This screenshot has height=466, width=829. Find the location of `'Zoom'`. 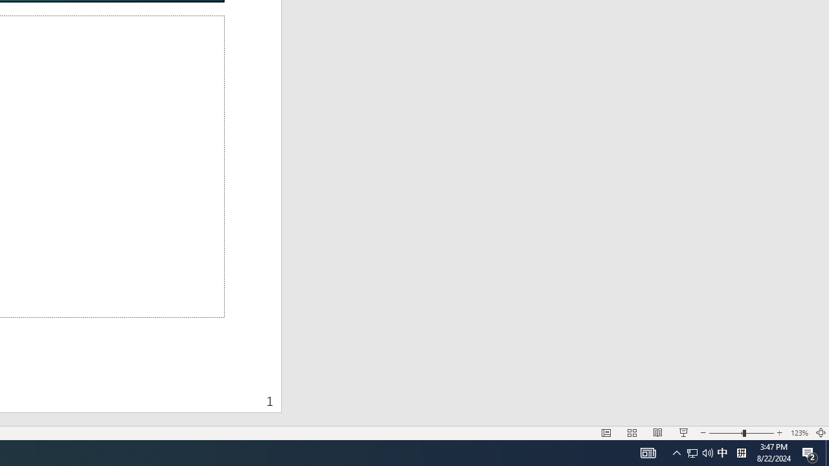

'Zoom' is located at coordinates (741, 433).